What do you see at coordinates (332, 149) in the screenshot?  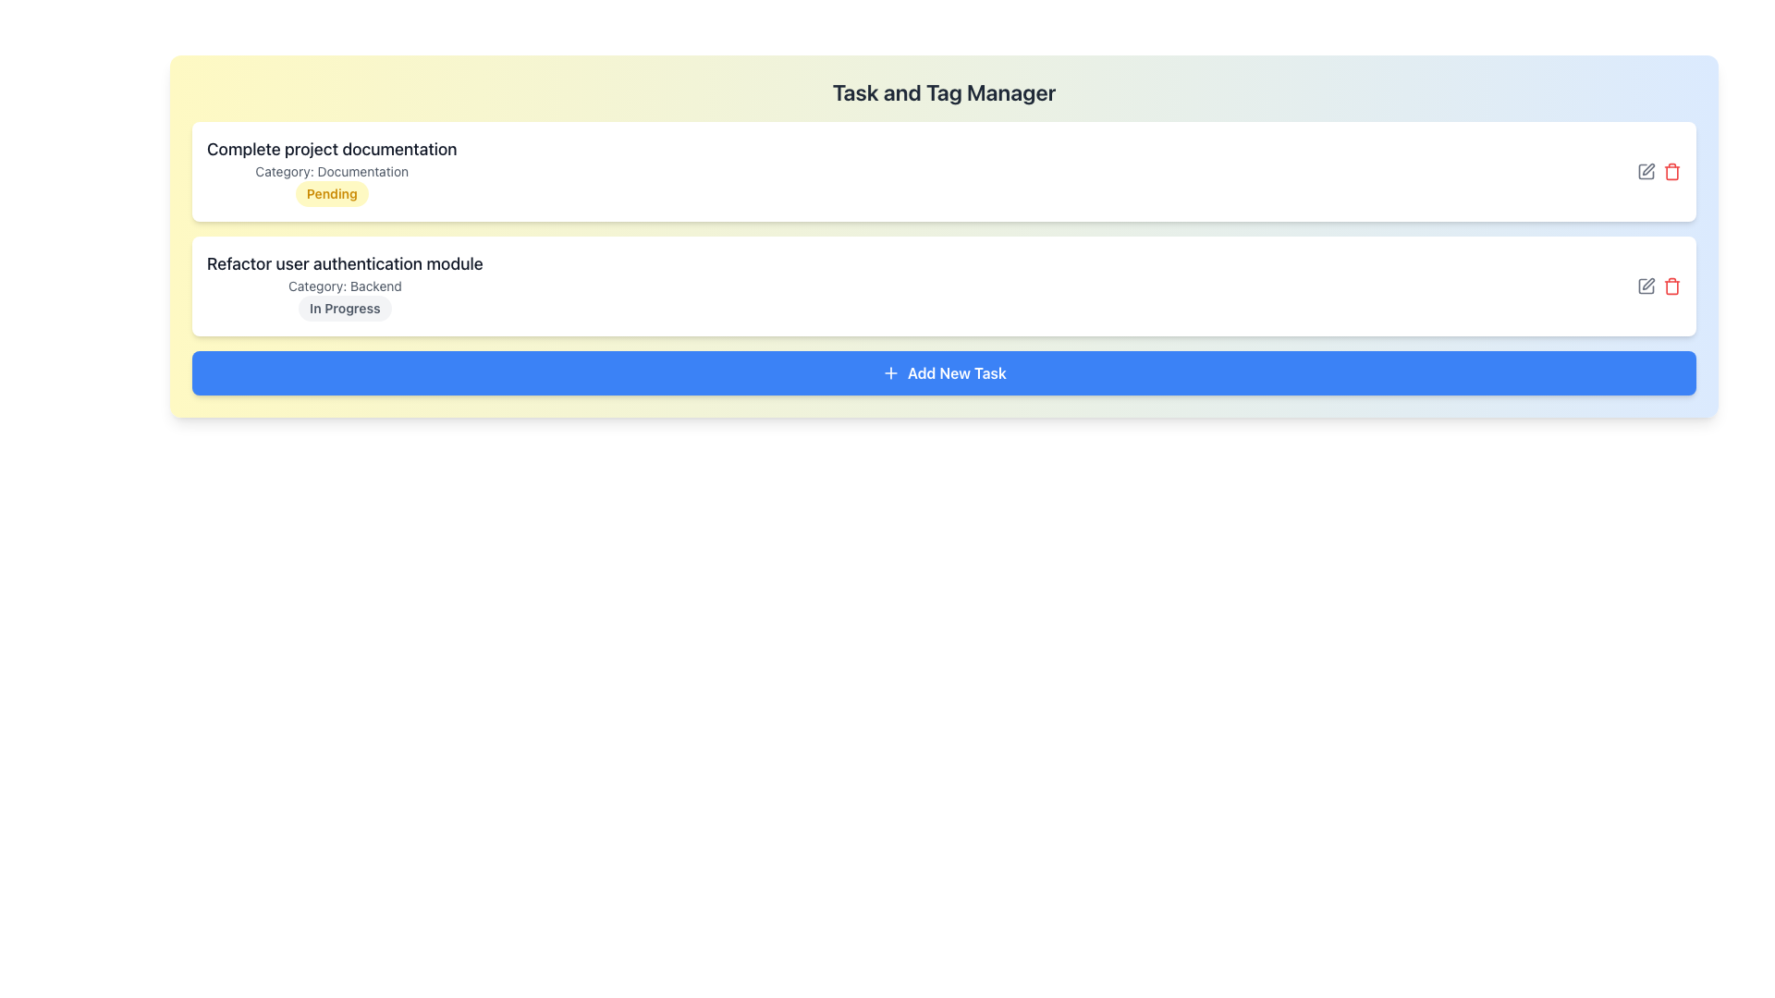 I see `the text label displaying 'Complete project documentation' which is prominently styled in bold and larger font at the top of the task panel` at bounding box center [332, 149].